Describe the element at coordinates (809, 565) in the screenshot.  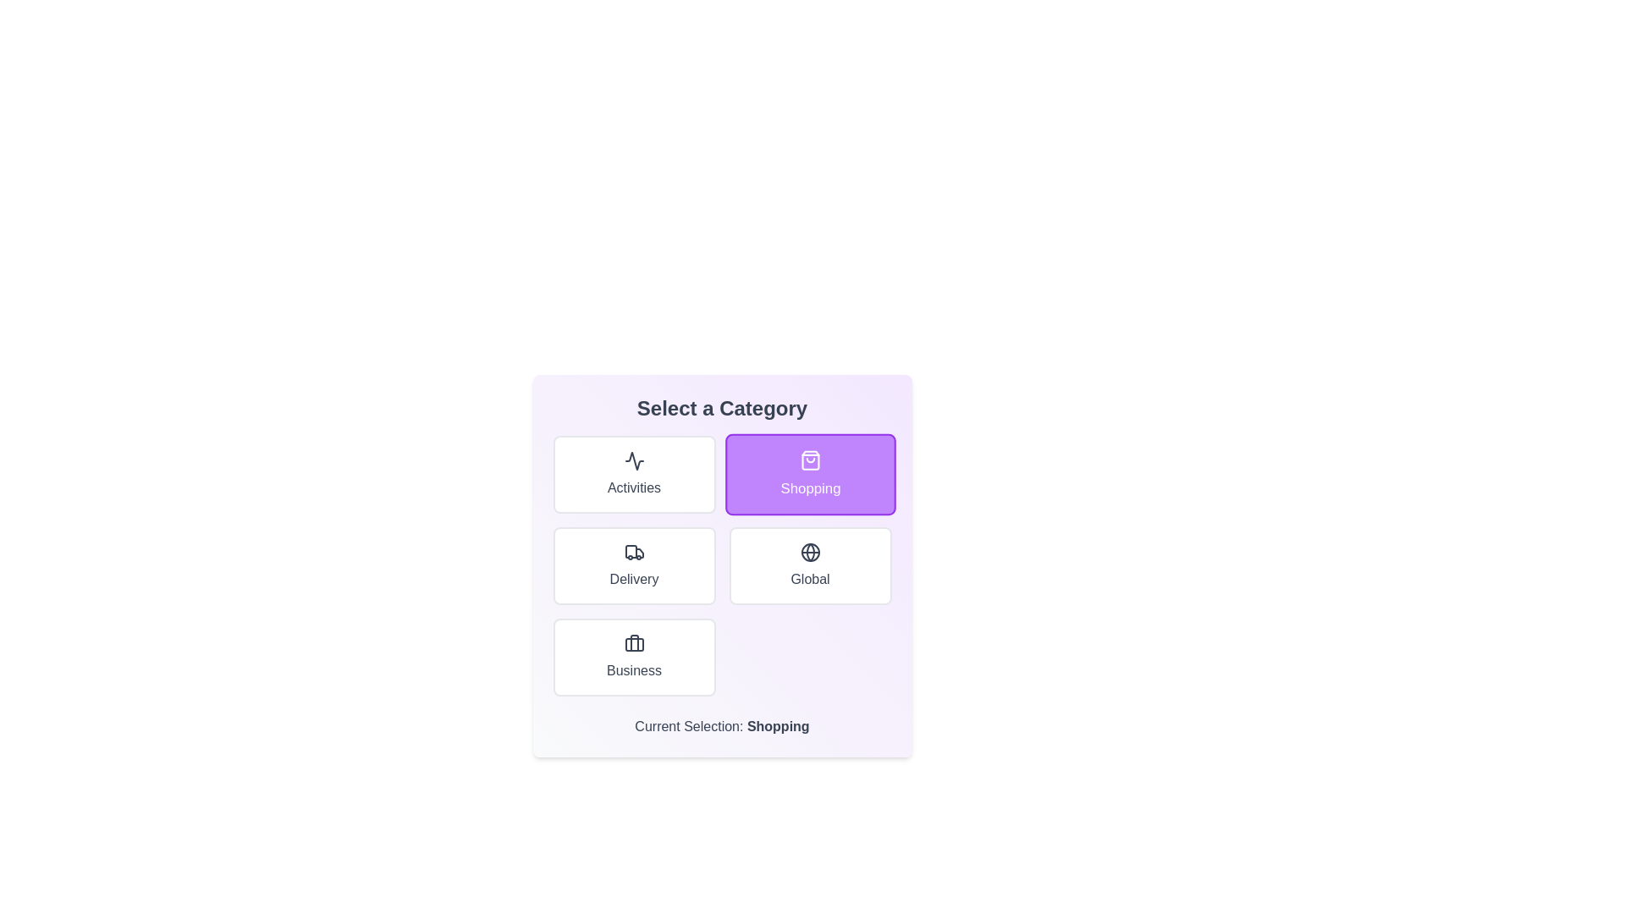
I see `the button corresponding to the category Global` at that location.